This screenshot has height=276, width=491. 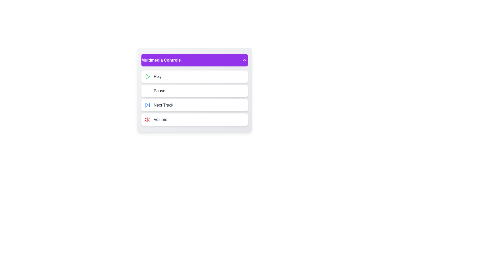 What do you see at coordinates (147, 119) in the screenshot?
I see `the red-colored audio volume icon located at the left end of the row labeled 'Volume' in the multimedia controls section` at bounding box center [147, 119].